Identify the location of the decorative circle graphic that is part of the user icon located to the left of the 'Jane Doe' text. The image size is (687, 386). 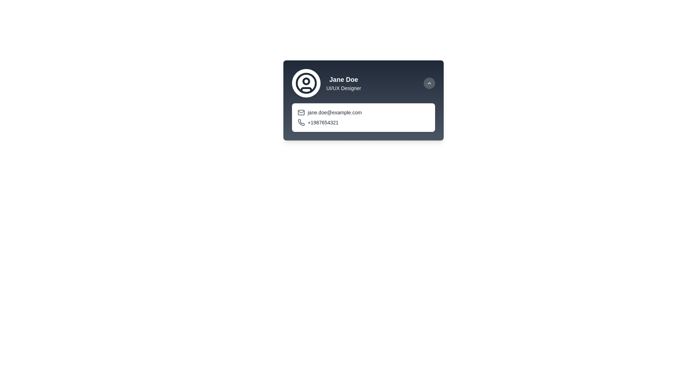
(306, 82).